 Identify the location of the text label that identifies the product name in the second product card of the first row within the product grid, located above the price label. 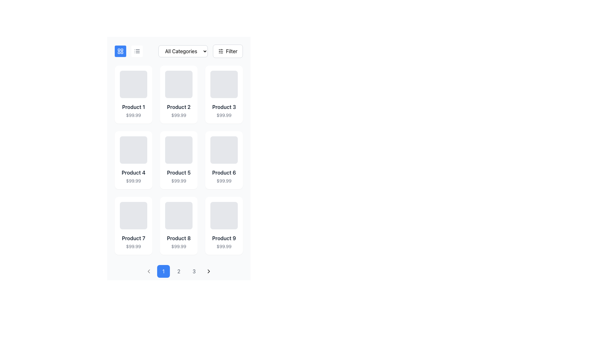
(178, 106).